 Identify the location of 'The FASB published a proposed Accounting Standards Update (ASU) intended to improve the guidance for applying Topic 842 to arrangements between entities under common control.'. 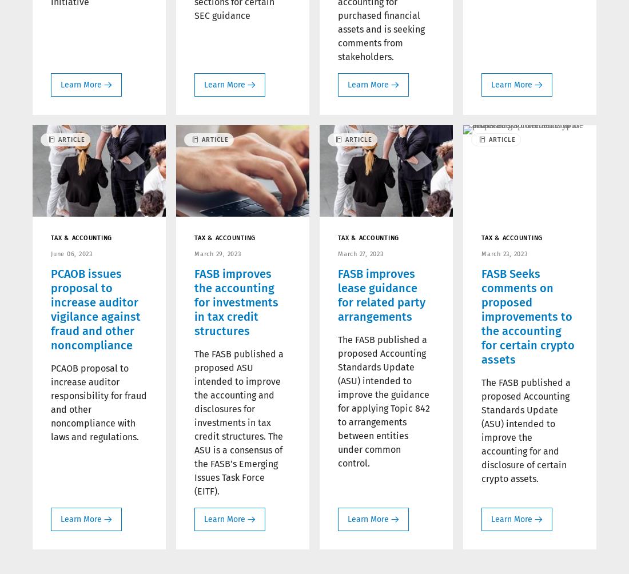
(337, 400).